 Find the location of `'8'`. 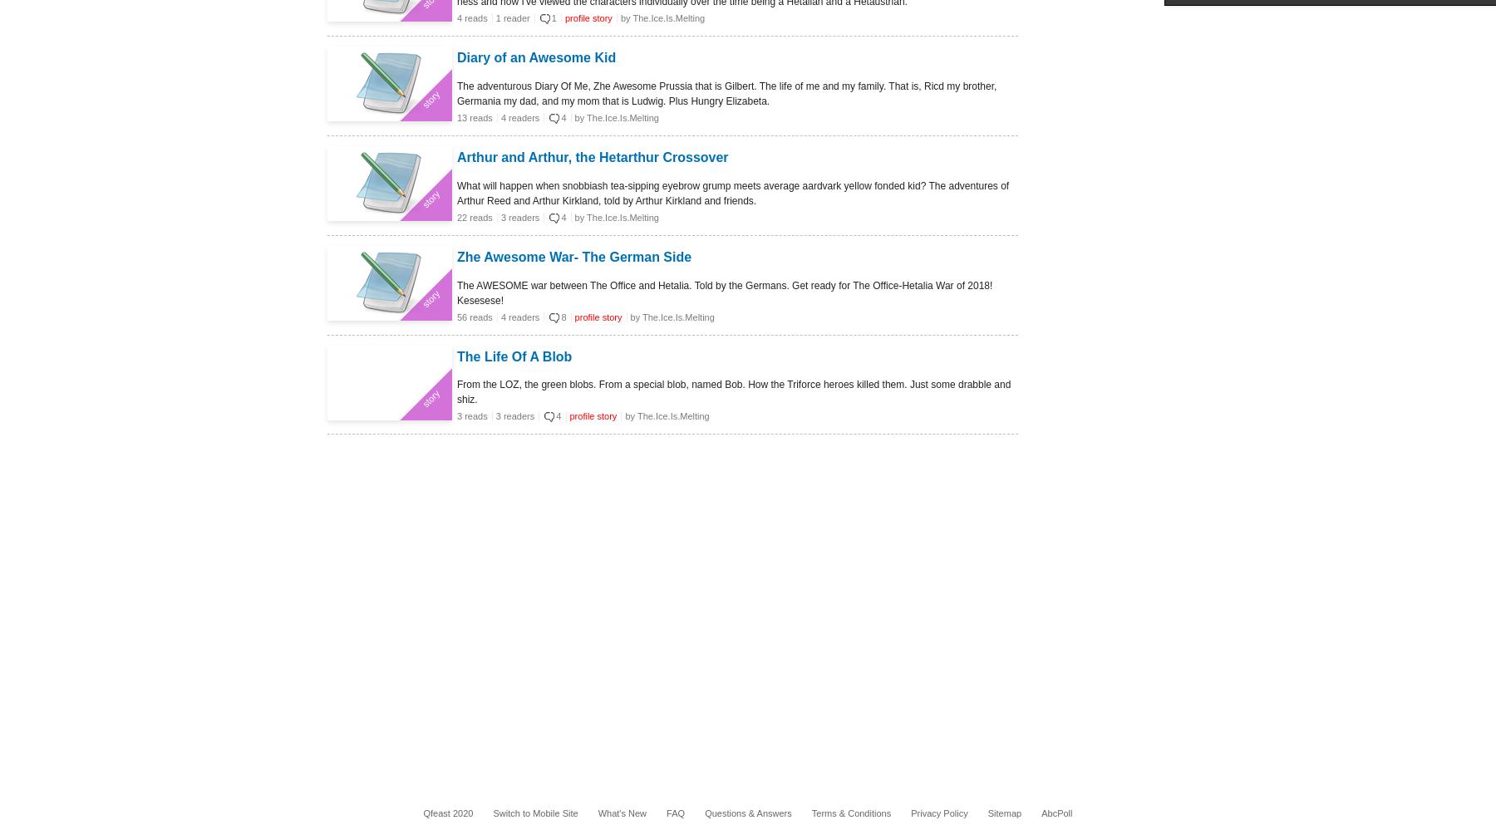

'8' is located at coordinates (561, 317).